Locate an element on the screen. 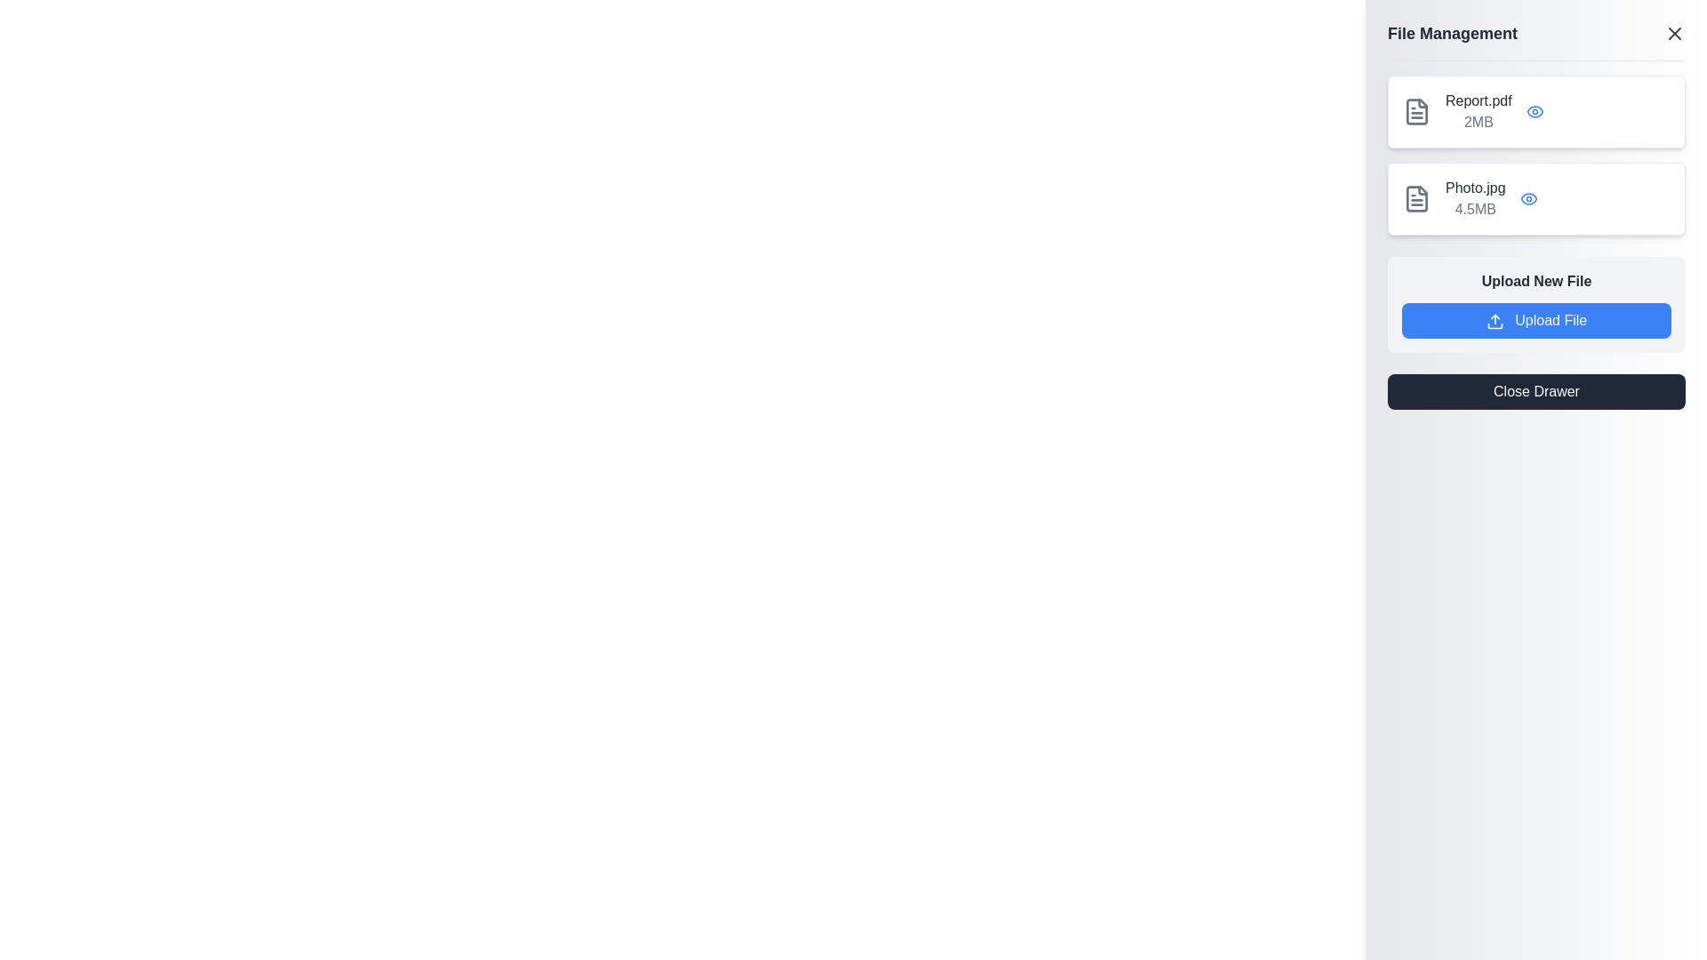 The image size is (1707, 960). the close icon button resembling an 'X' located at the top-right corner of the 'File Management' section is located at coordinates (1673, 34).